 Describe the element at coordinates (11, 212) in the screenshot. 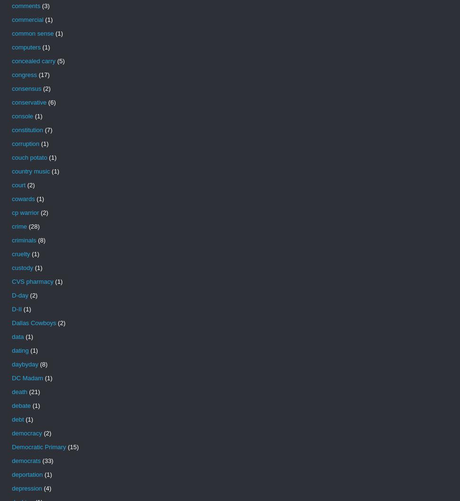

I see `'cp warrior'` at that location.